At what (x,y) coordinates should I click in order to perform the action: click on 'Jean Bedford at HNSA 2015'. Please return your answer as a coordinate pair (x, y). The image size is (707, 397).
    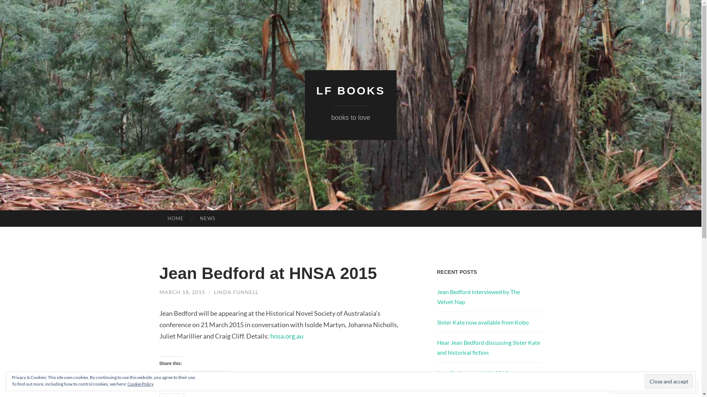
    Looking at the image, I should click on (472, 373).